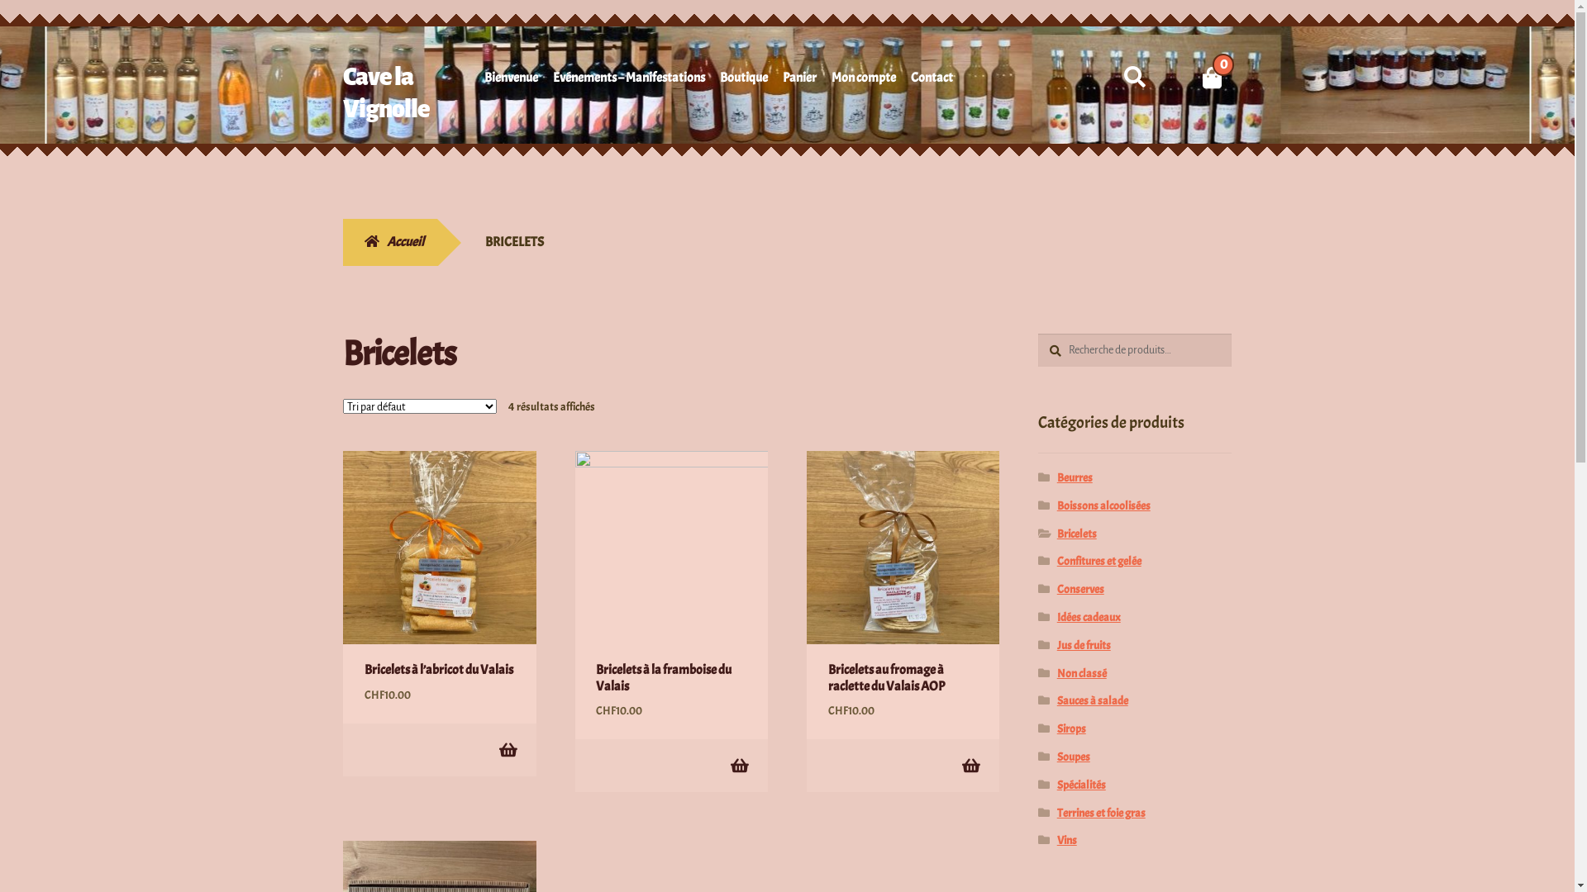  I want to click on 'Terrines et foie gras', so click(1101, 812).